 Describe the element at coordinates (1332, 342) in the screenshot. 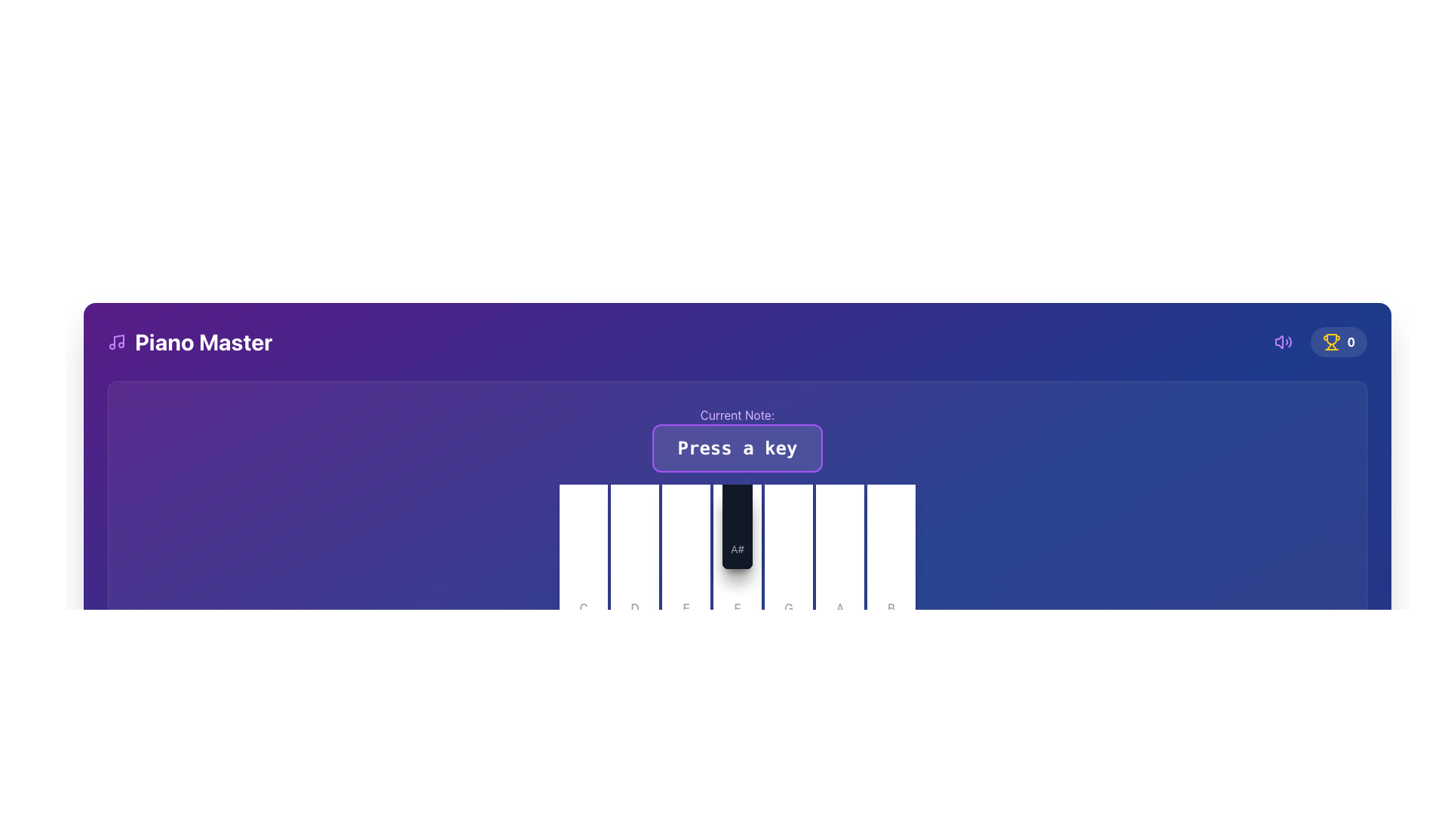

I see `the trophy SVG icon located in the top-right corner of the application interface, which serves as a visual cue for achievements or rewards` at that location.